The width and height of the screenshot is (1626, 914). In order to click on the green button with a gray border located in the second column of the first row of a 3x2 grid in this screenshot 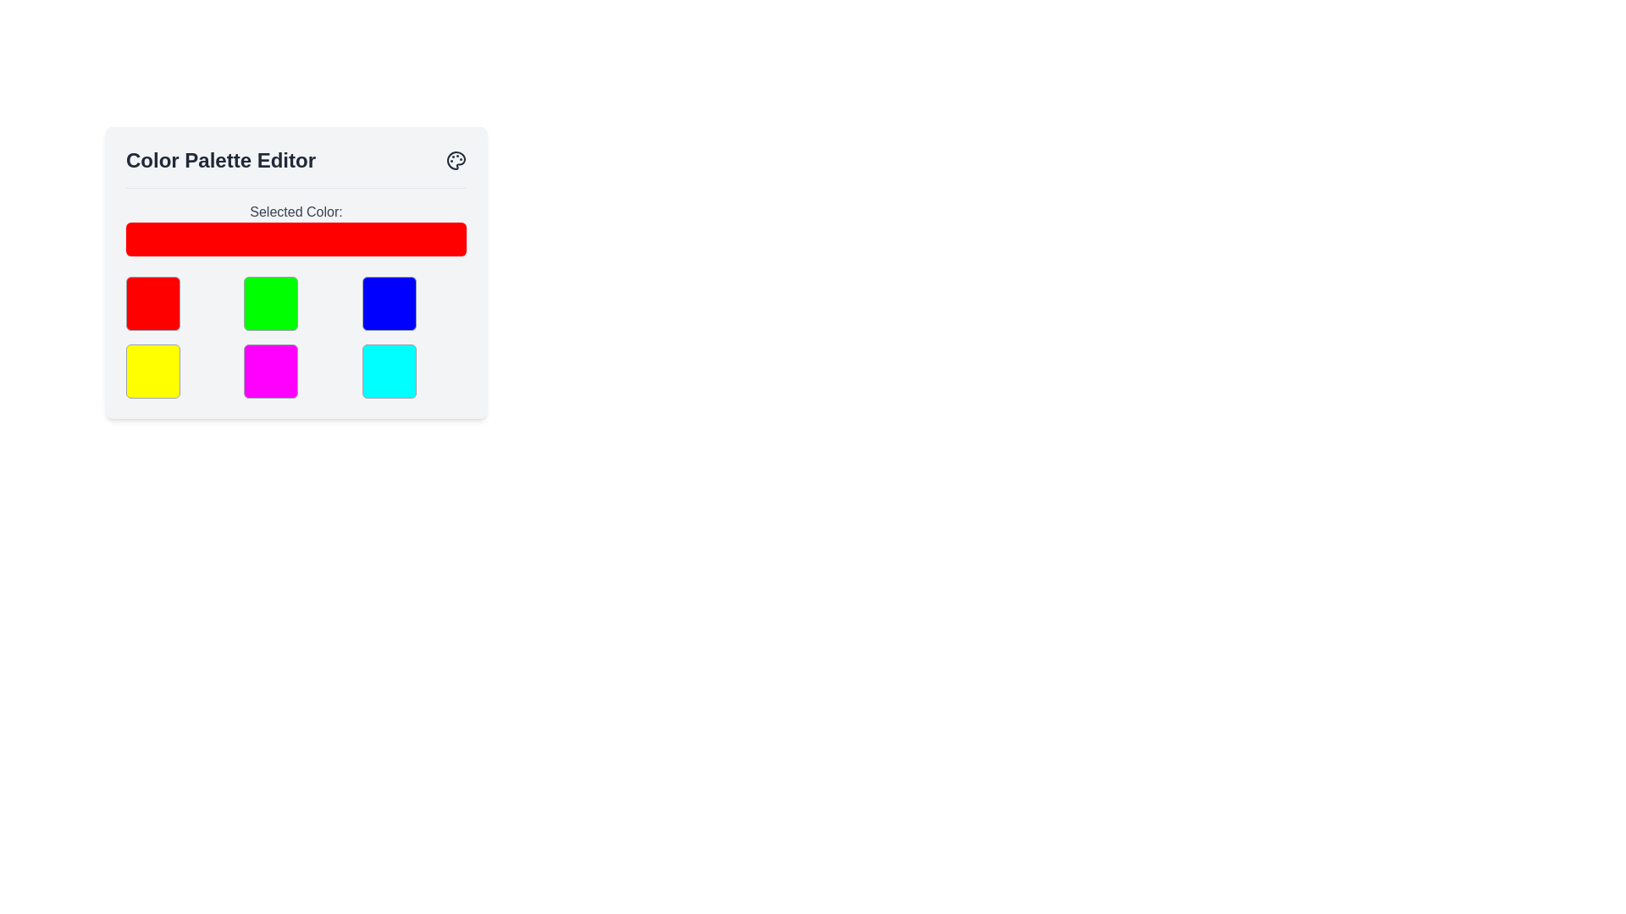, I will do `click(271, 302)`.